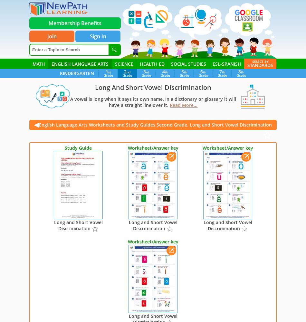 This screenshot has height=322, width=306. I want to click on 'ESL-Spanish', so click(227, 63).